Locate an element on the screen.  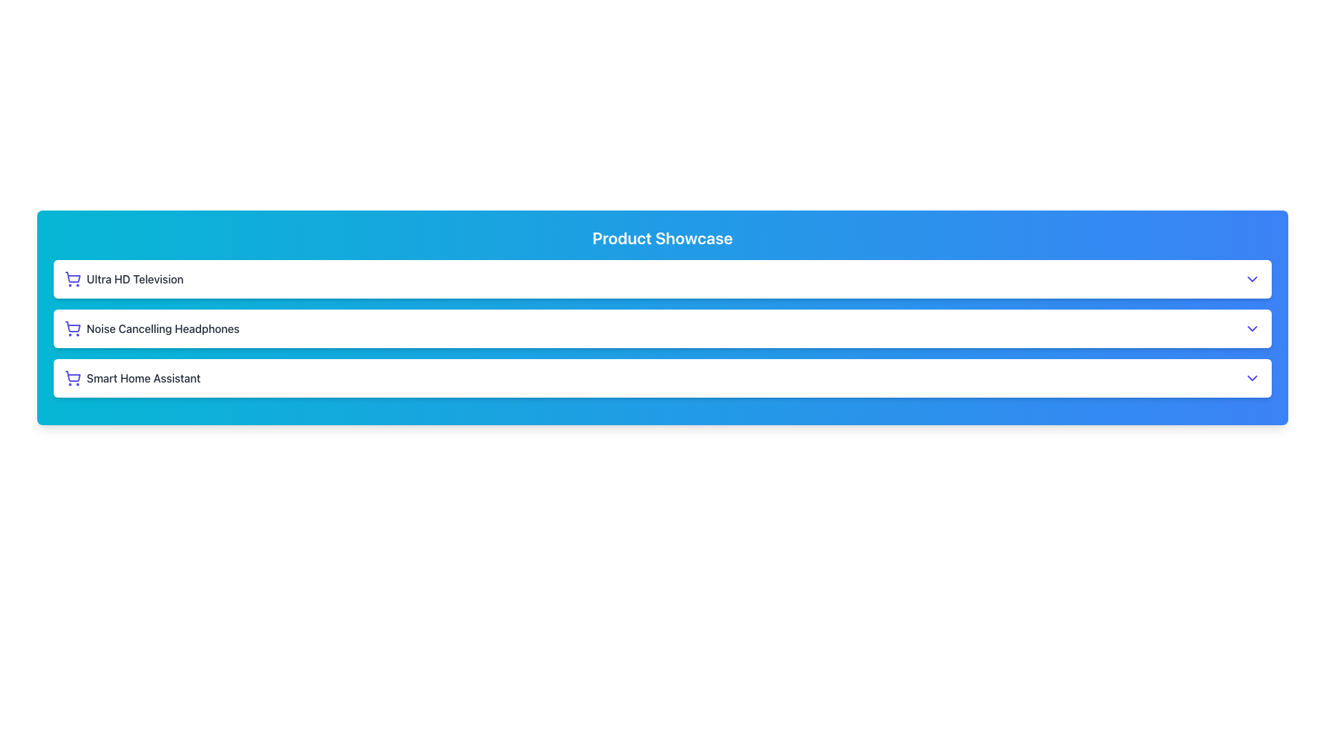
the indigo shopping cart icon, which is the first element in a horizontal group next to the text 'Noise Cancelling Headphones' is located at coordinates (72, 329).